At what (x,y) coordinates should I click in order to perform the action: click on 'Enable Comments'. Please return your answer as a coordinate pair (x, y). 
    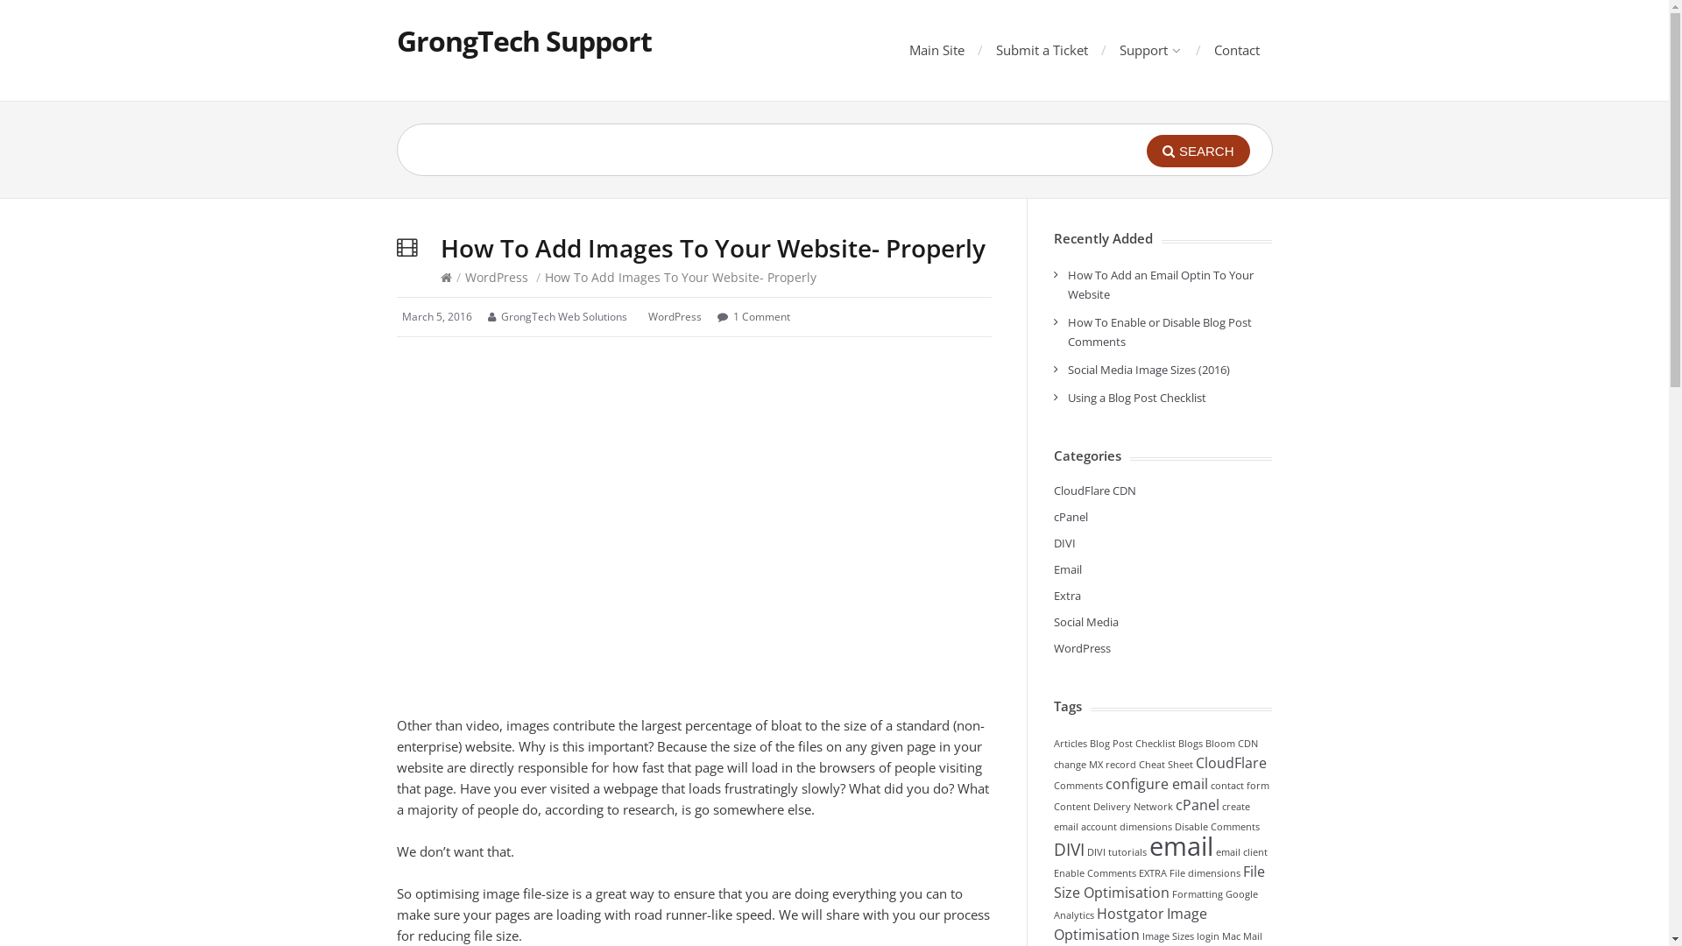
    Looking at the image, I should click on (1092, 872).